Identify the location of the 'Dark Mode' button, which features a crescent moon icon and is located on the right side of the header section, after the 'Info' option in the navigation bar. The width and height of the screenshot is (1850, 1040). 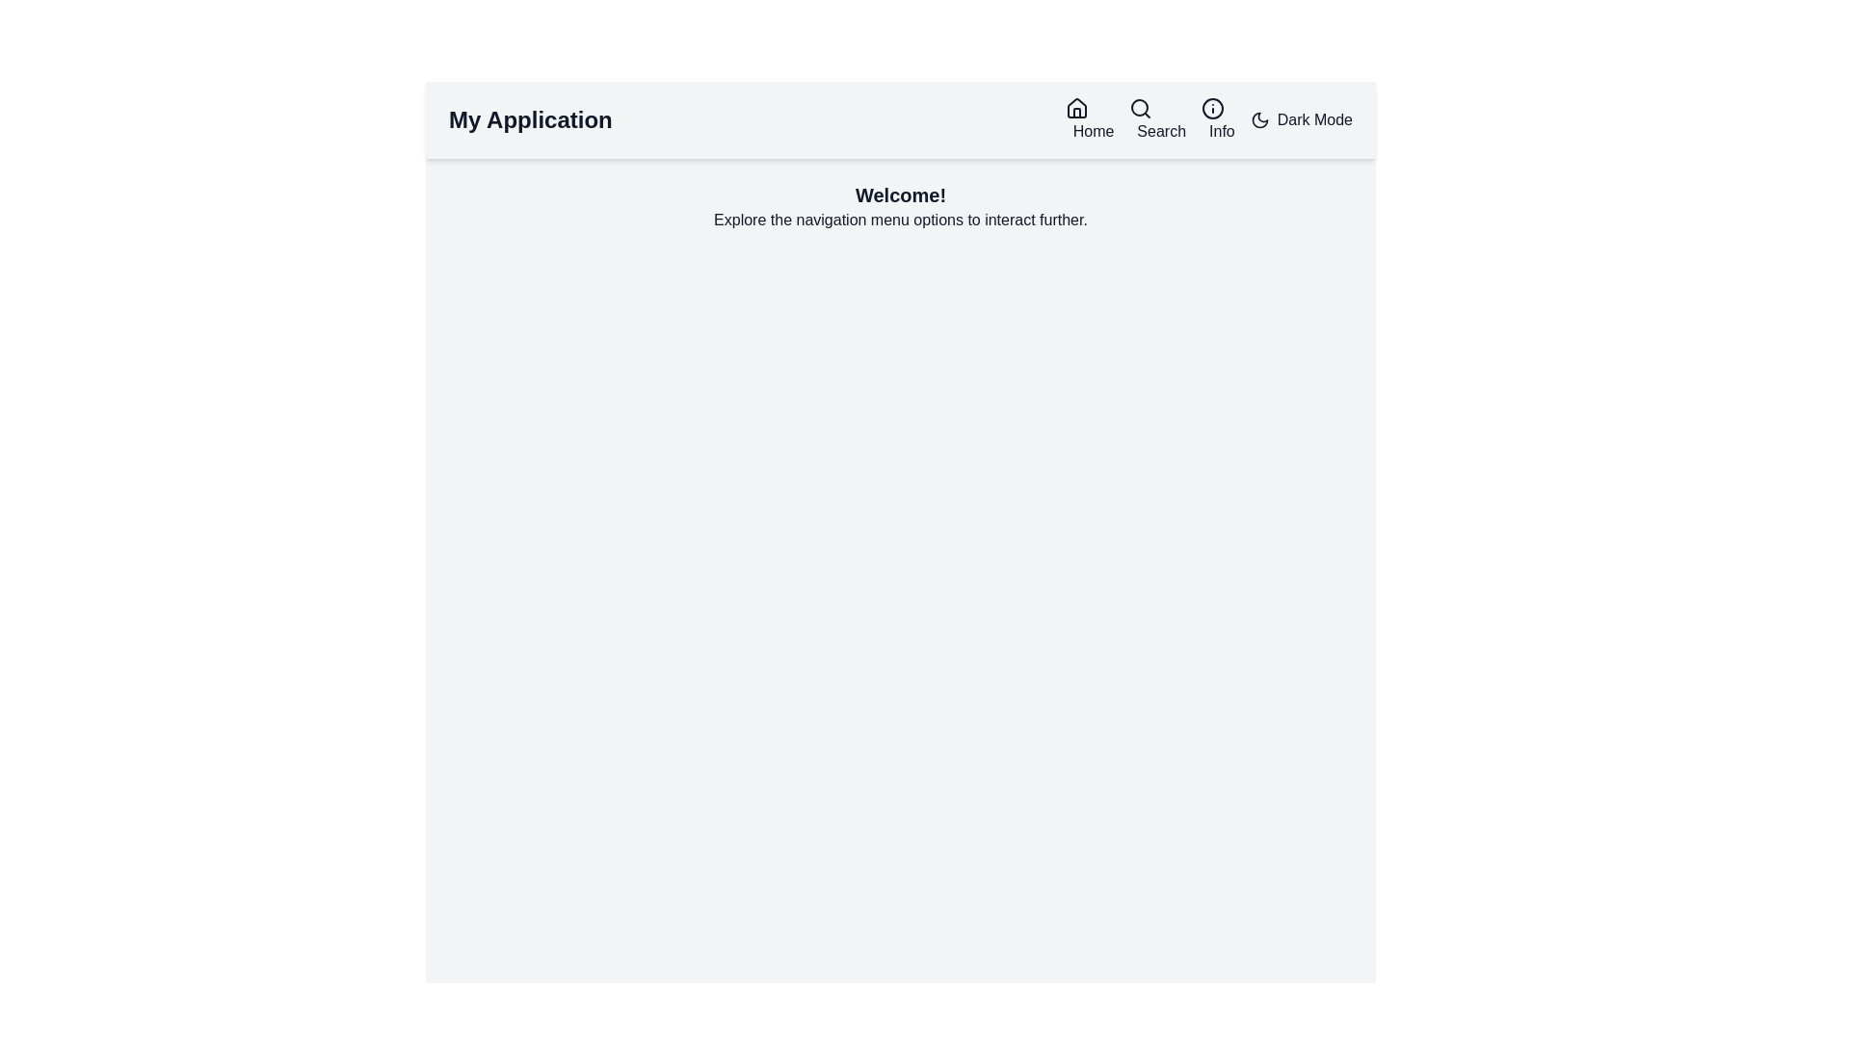
(1301, 119).